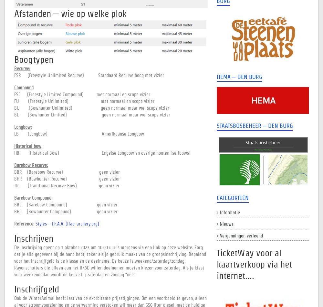 The image size is (323, 307). What do you see at coordinates (67, 178) in the screenshot?
I see `'BHR    (Bowhunter Recurve)                         geen vizier'` at bounding box center [67, 178].